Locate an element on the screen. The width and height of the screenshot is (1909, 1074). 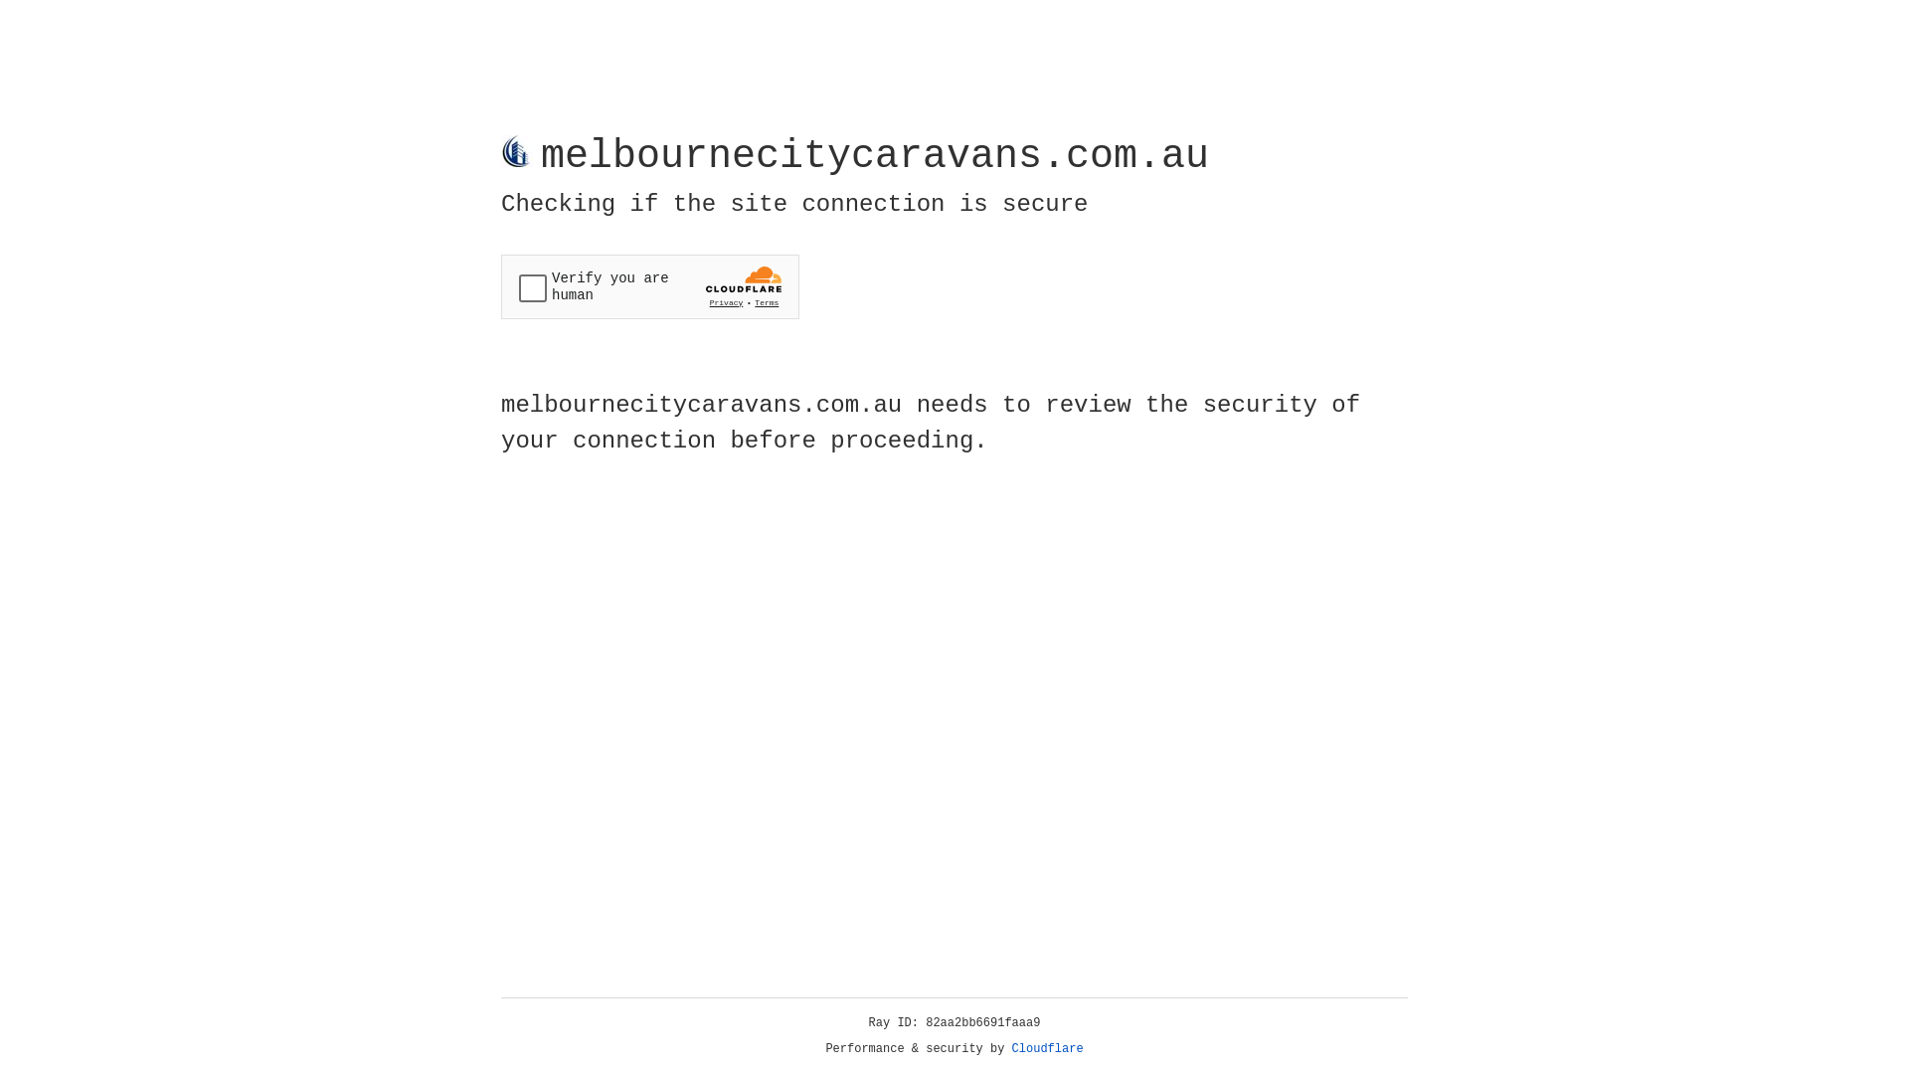
'Widget containing a Cloudflare security challenge' is located at coordinates (649, 286).